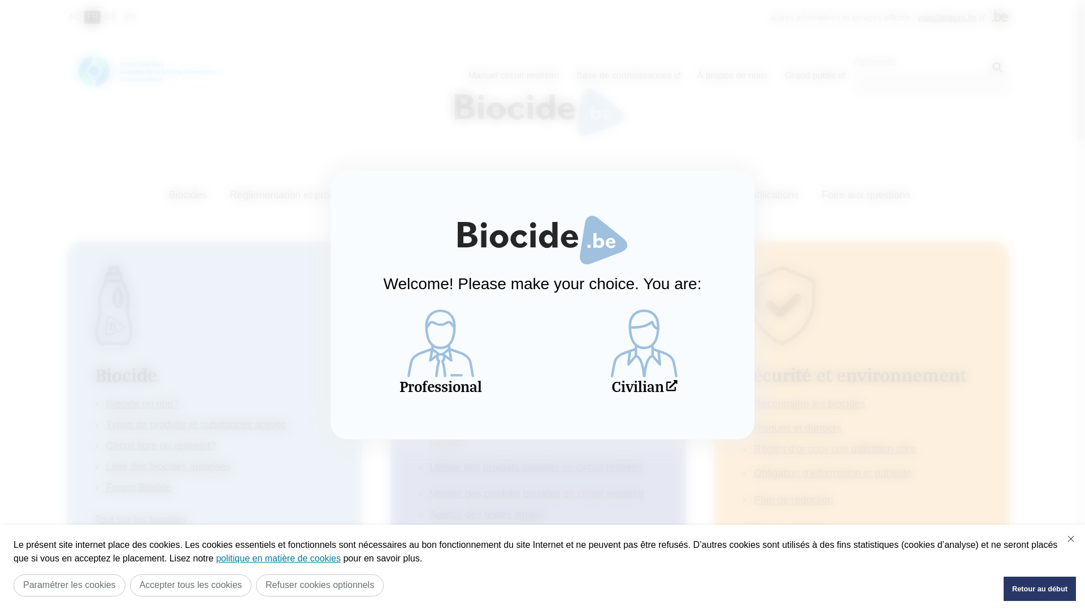 This screenshot has height=610, width=1085. Describe the element at coordinates (187, 198) in the screenshot. I see `'Biocides'` at that location.